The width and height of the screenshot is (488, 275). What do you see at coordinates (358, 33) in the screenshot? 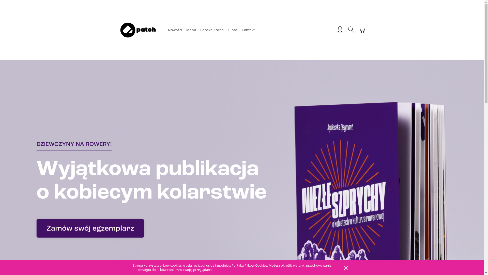
I see `'Koszyk'` at bounding box center [358, 33].